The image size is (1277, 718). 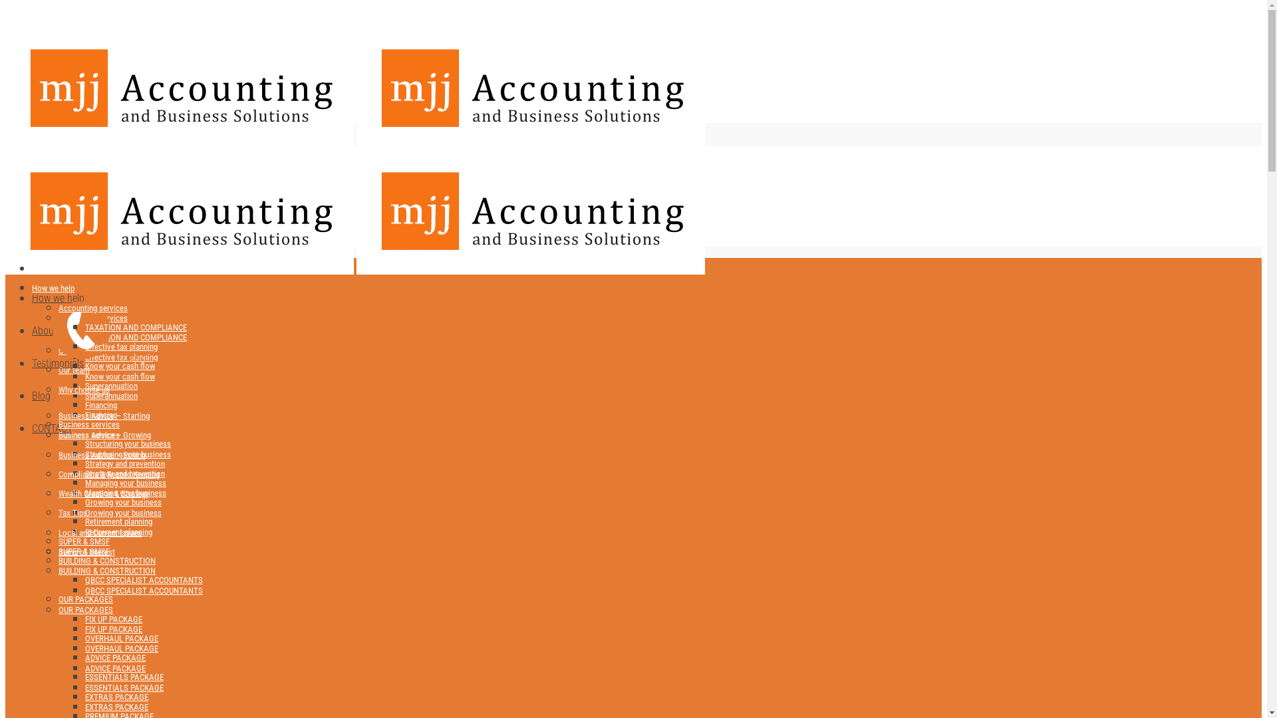 What do you see at coordinates (108, 473) in the screenshot?
I see `'Compliance & Record Keeping'` at bounding box center [108, 473].